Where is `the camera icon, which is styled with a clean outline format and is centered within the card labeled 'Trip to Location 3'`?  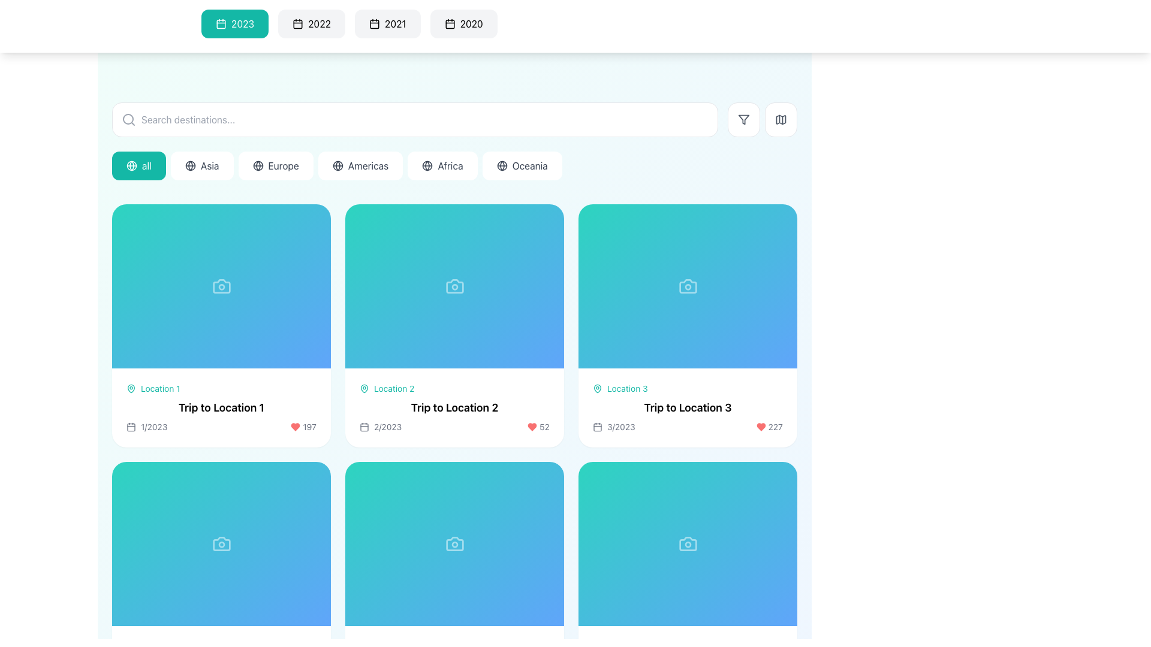
the camera icon, which is styled with a clean outline format and is centered within the card labeled 'Trip to Location 3' is located at coordinates (688, 286).